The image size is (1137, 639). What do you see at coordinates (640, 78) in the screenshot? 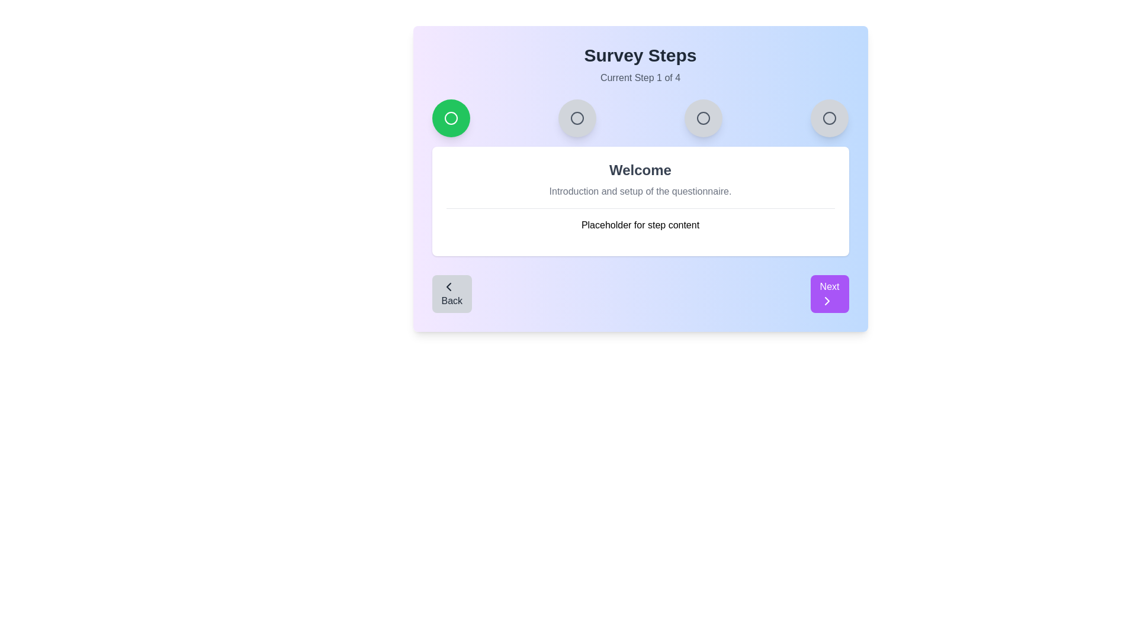
I see `the Text label that indicates the user is on step 1 out of 4 in the Survey Steps section` at bounding box center [640, 78].